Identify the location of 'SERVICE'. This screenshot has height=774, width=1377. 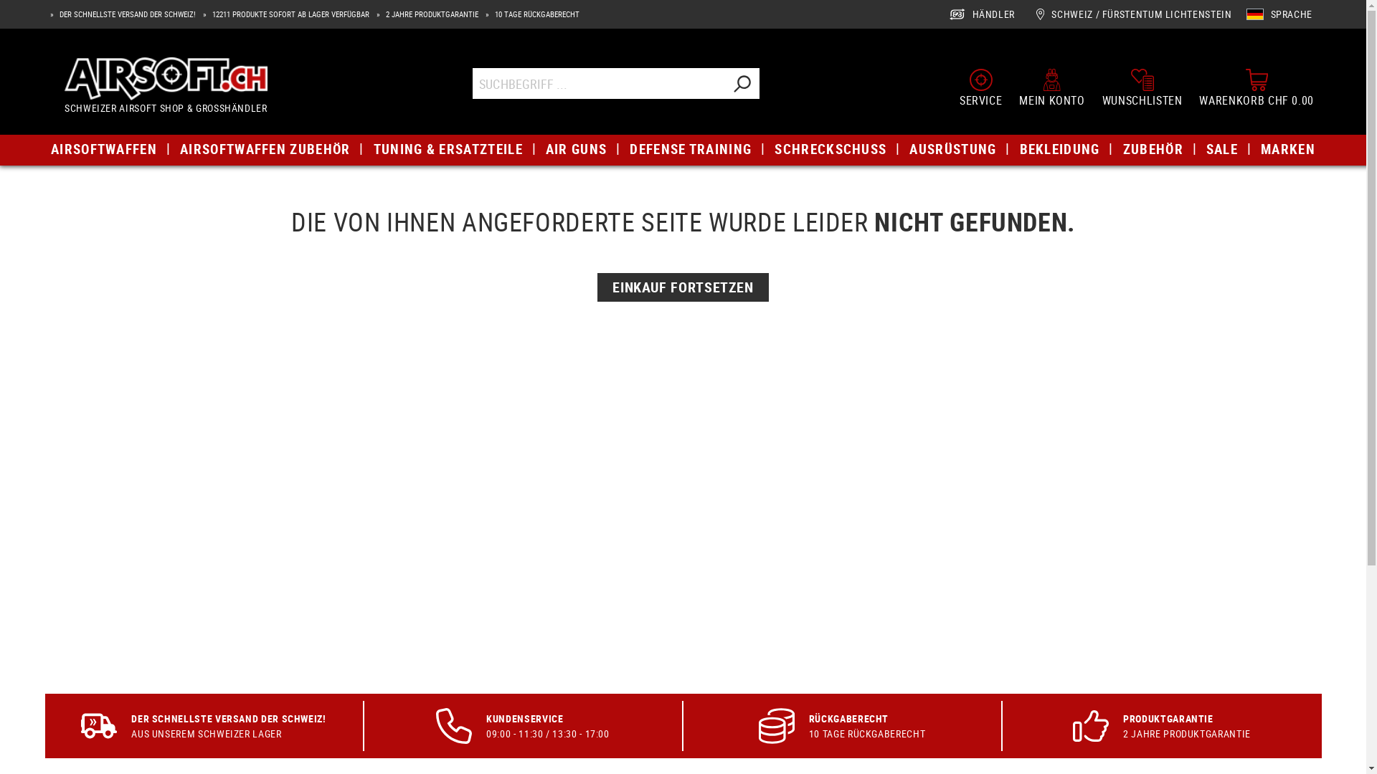
(980, 87).